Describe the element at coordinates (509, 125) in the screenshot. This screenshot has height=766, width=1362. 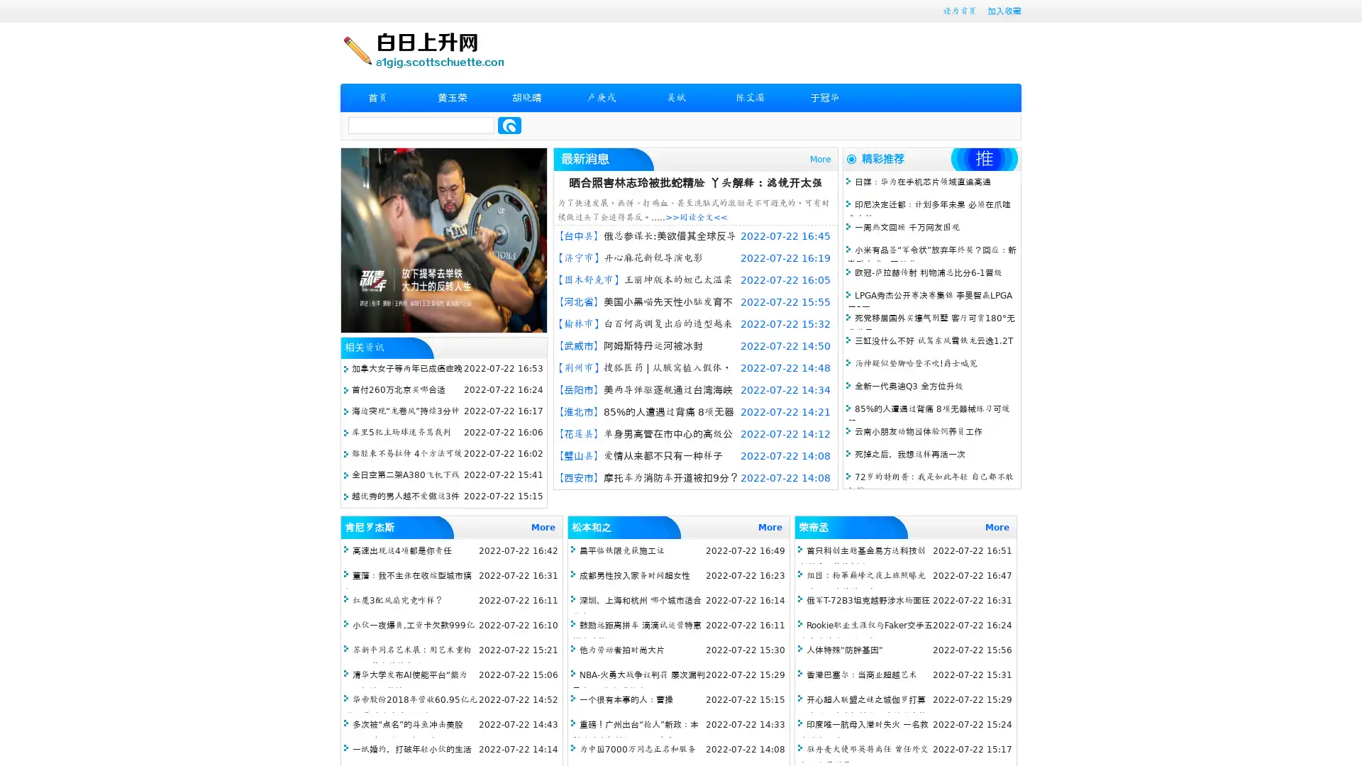
I see `Search` at that location.